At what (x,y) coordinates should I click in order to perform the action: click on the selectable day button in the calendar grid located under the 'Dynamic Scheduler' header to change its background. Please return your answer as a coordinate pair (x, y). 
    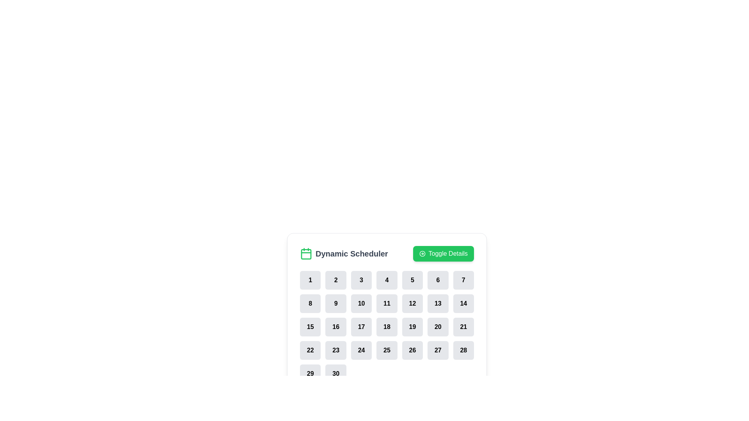
    Looking at the image, I should click on (361, 327).